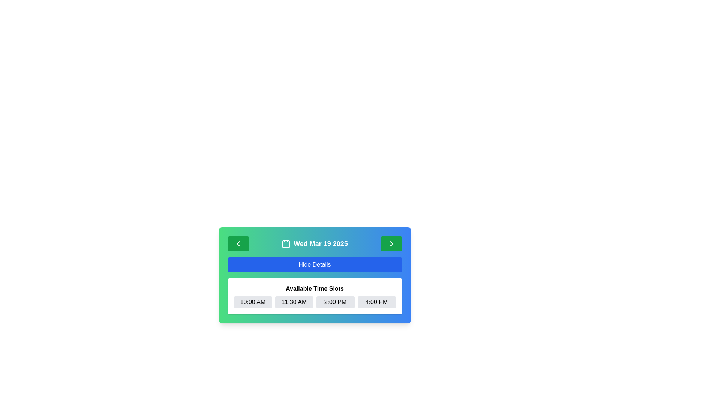 The width and height of the screenshot is (720, 405). What do you see at coordinates (294, 302) in the screenshot?
I see `the '11:30 AM' time slot button located between the '10:00 AM' and '2:00 PM' buttons in the scheduling interface` at bounding box center [294, 302].